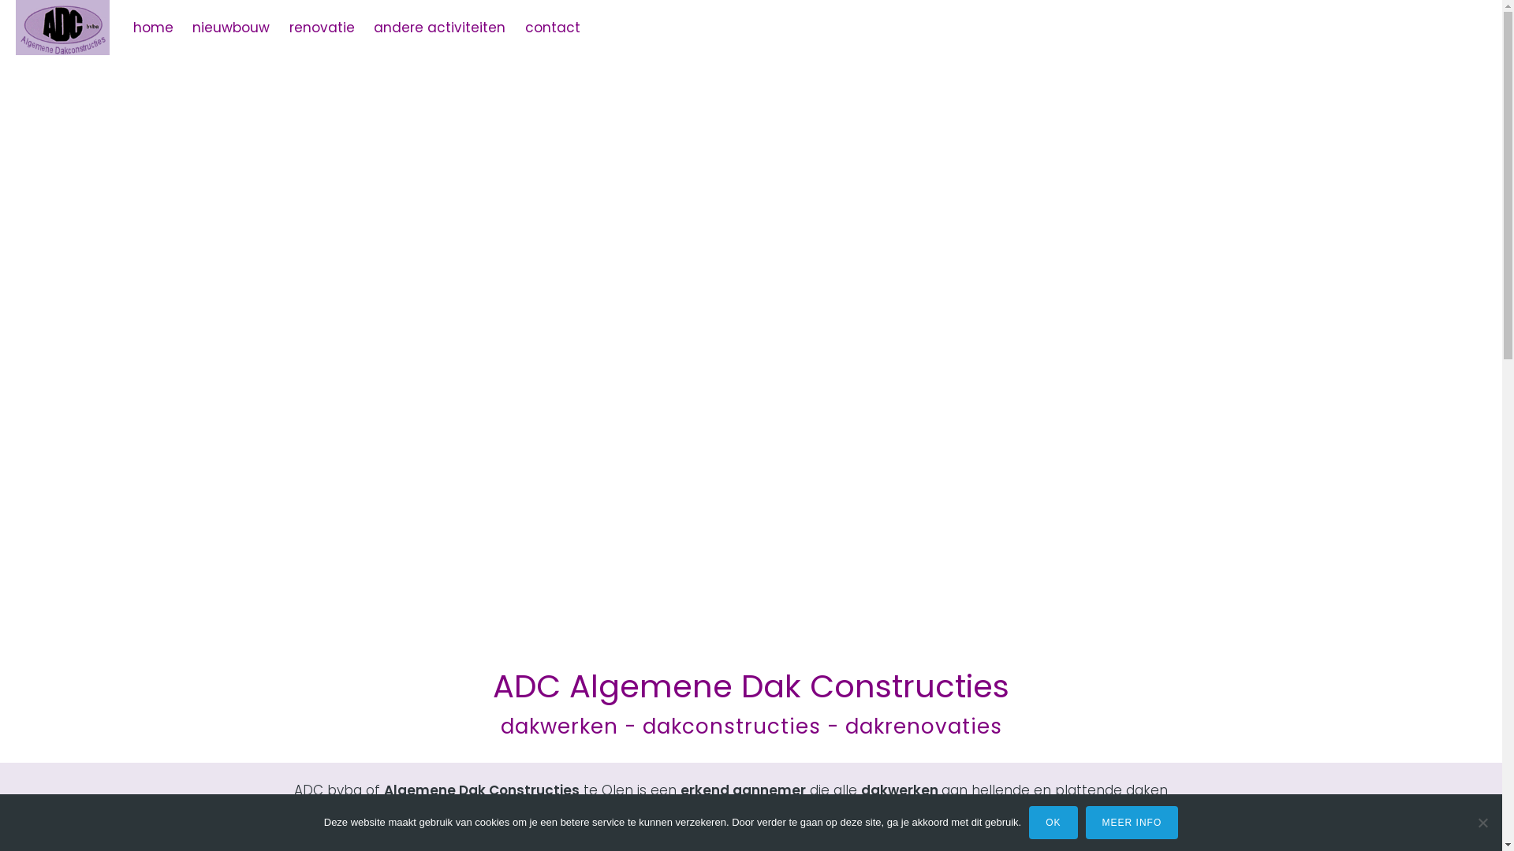  Describe the element at coordinates (552, 27) in the screenshot. I see `'contact'` at that location.